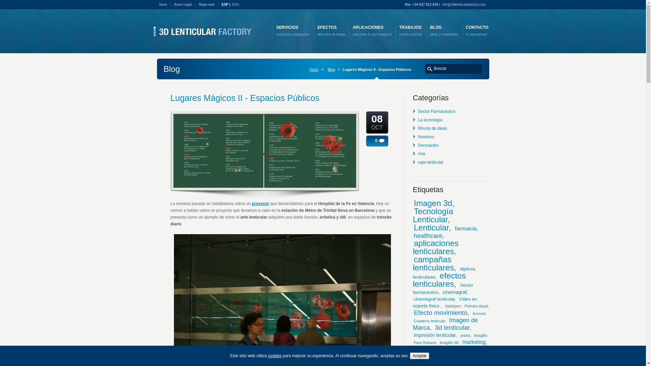 The image size is (651, 366). I want to click on 'Imagen de Marca', so click(446, 324).